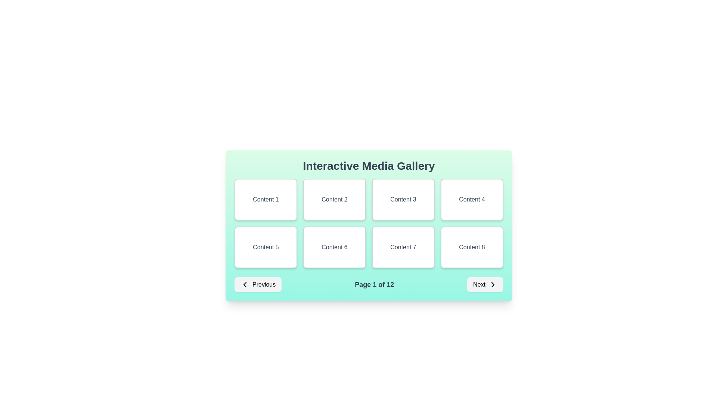  Describe the element at coordinates (374, 285) in the screenshot. I see `the text display indicating the current page number, which reads 'Page 1 of 12', styled with a bold font and dark gray color, positioned between the 'Previous' and 'Next' buttons` at that location.